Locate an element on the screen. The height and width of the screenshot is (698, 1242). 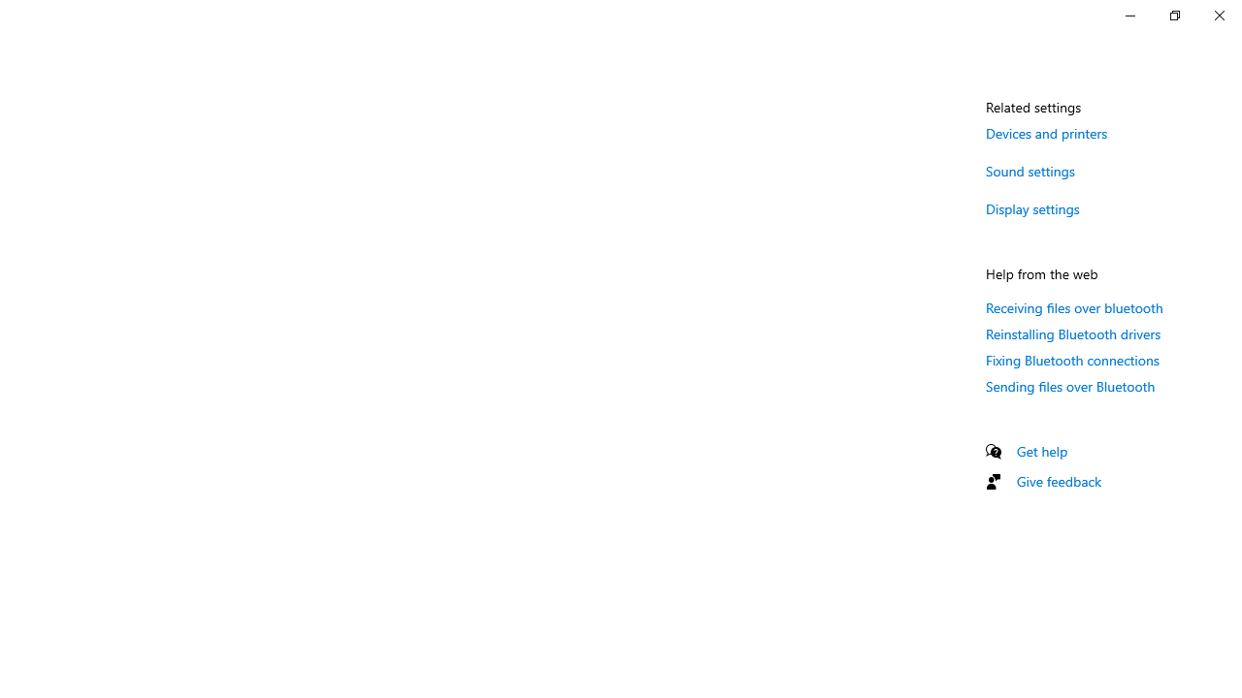
'Sending files over Bluetooth' is located at coordinates (1069, 386).